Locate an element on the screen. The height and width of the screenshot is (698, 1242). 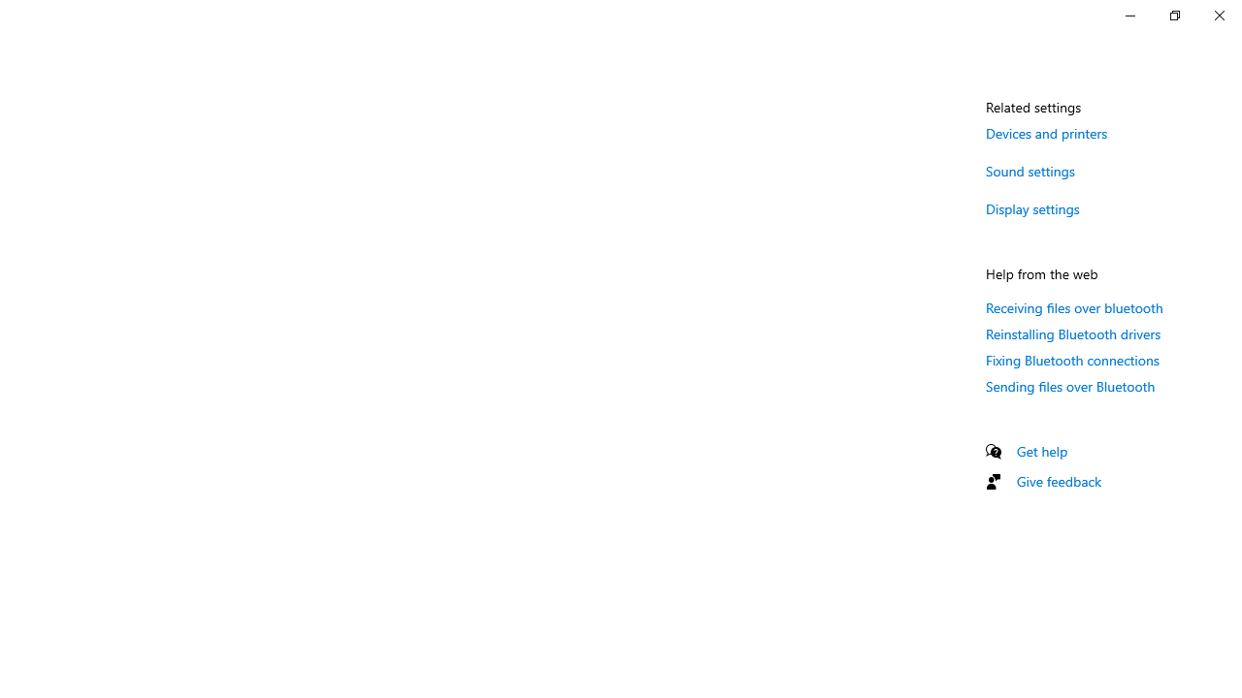
'Sending files over Bluetooth' is located at coordinates (1069, 386).